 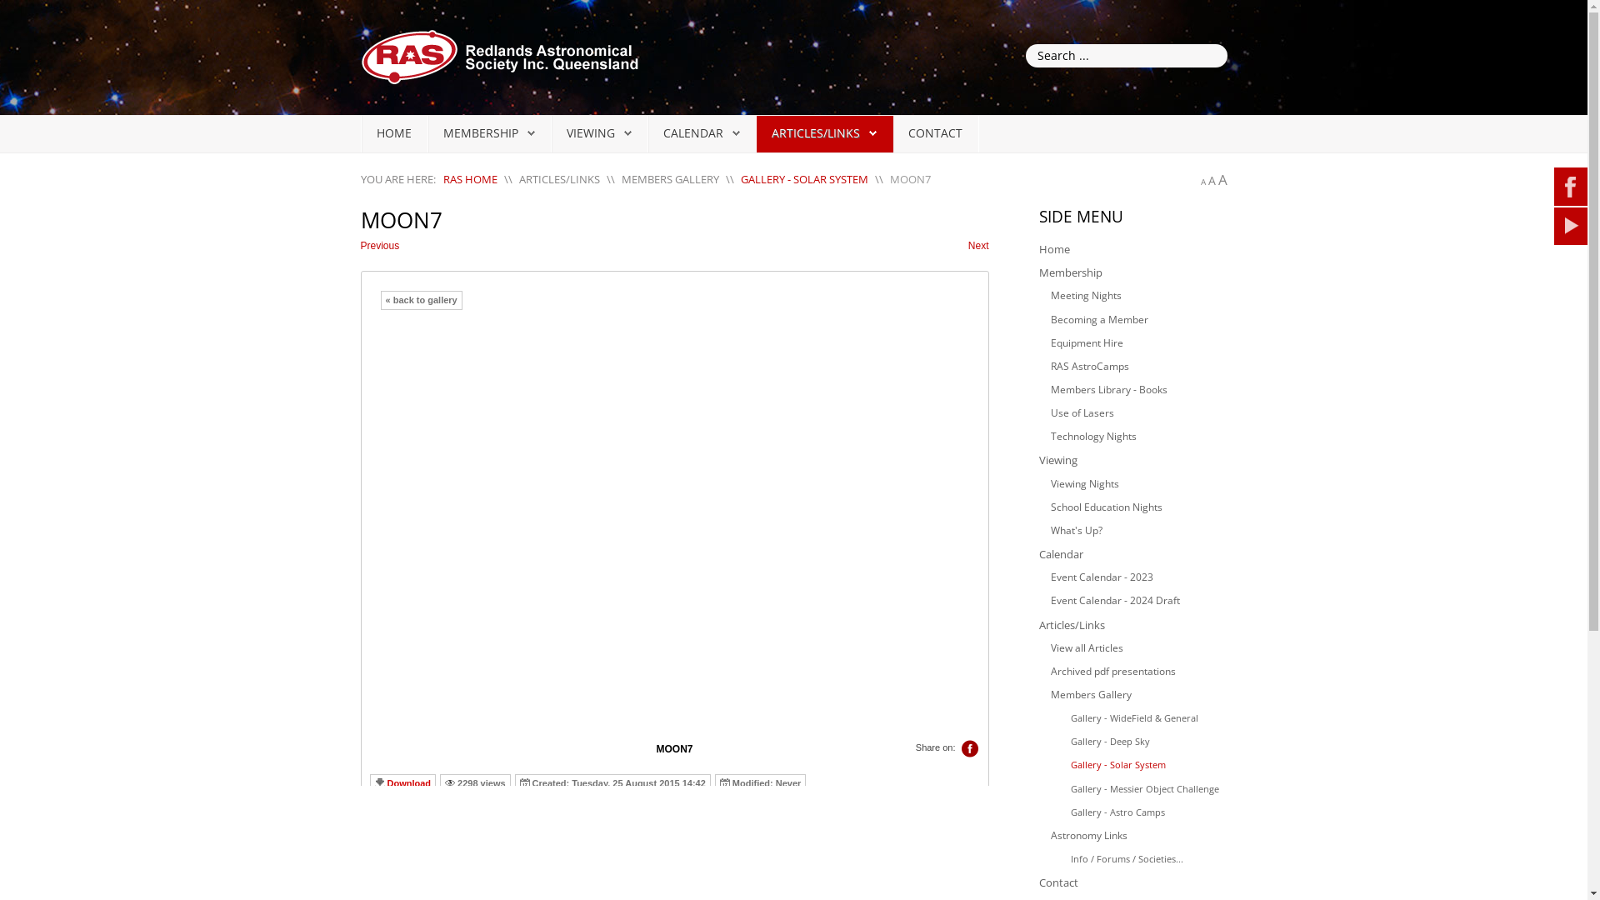 What do you see at coordinates (359, 246) in the screenshot?
I see `'Previous'` at bounding box center [359, 246].